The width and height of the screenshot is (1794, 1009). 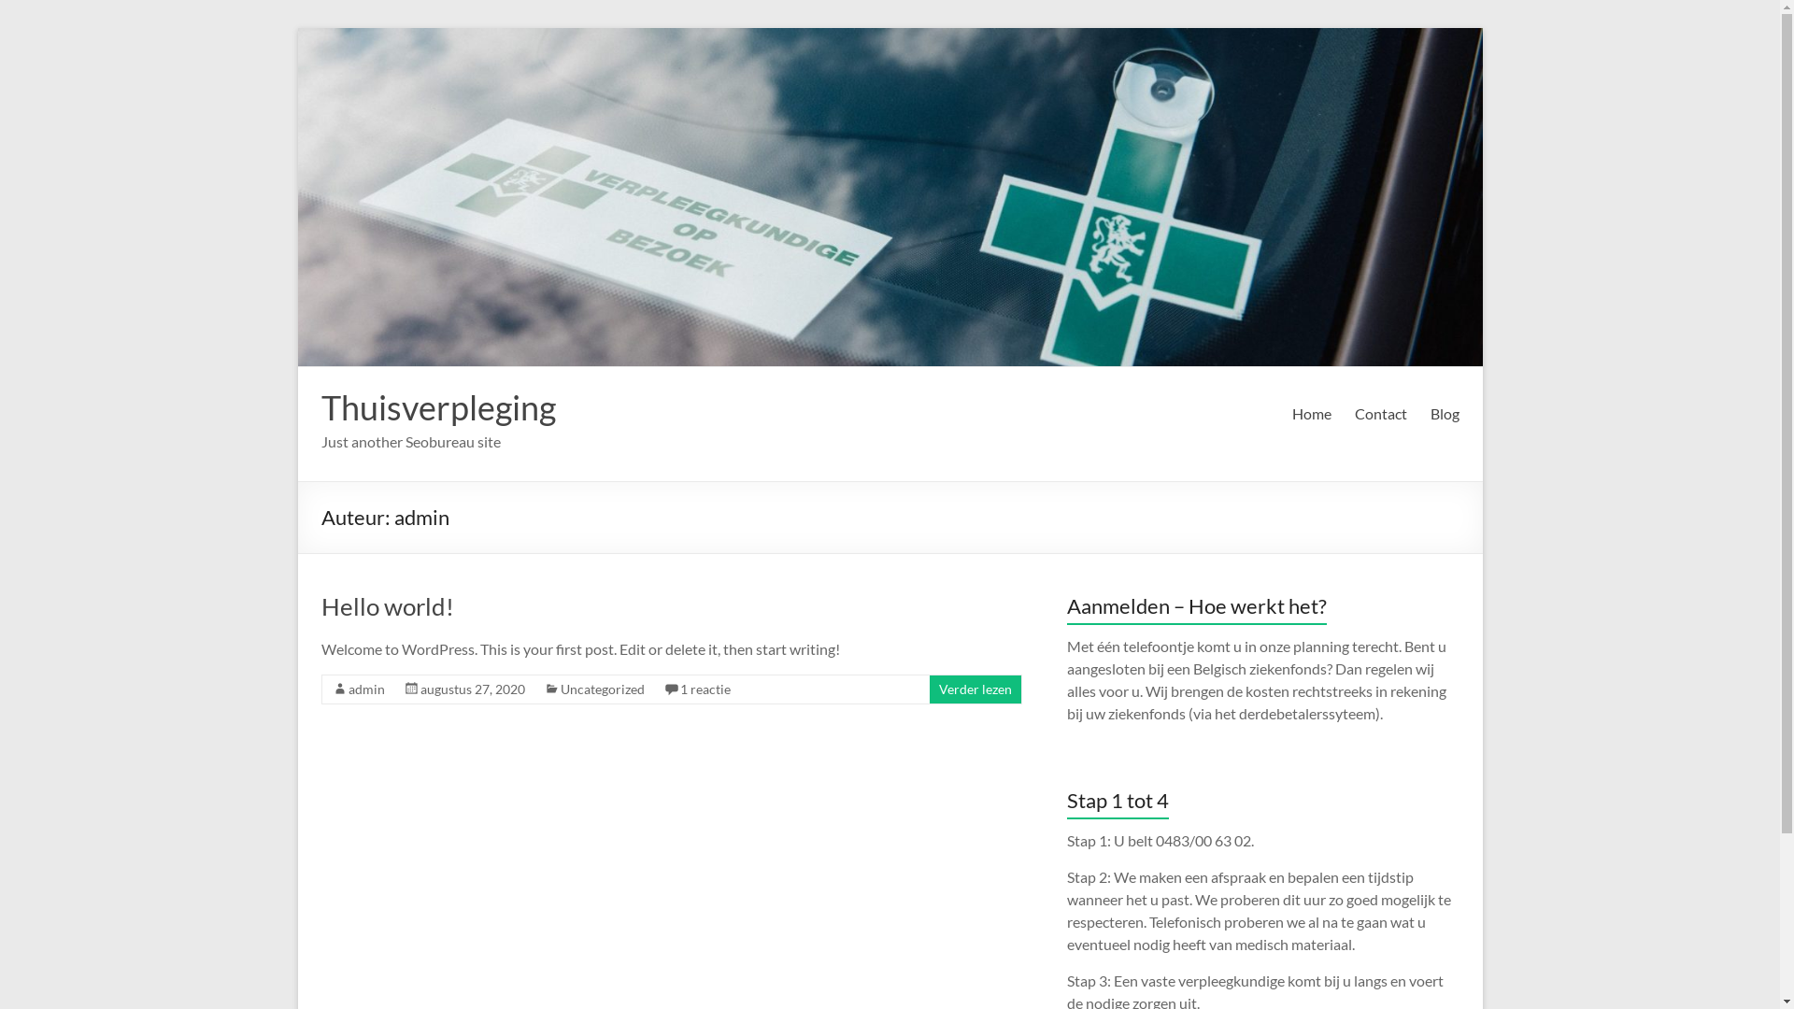 What do you see at coordinates (602, 689) in the screenshot?
I see `'Uncategorized'` at bounding box center [602, 689].